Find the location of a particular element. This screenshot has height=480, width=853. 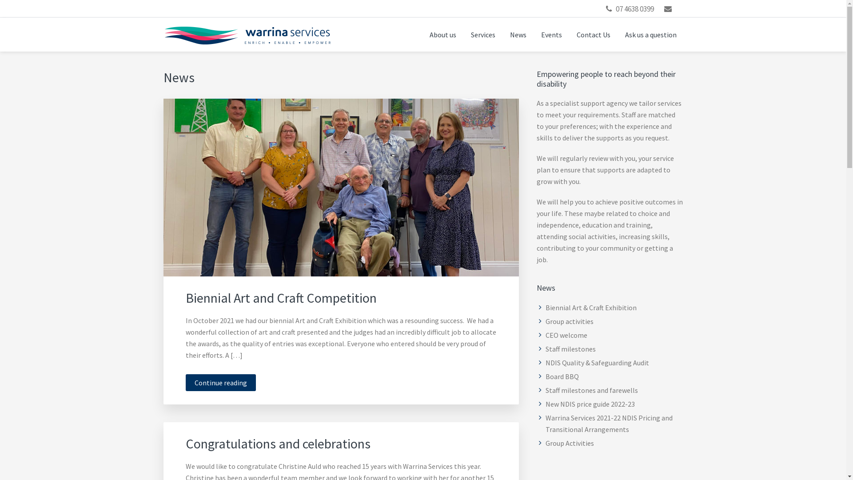

'About us' is located at coordinates (443, 34).